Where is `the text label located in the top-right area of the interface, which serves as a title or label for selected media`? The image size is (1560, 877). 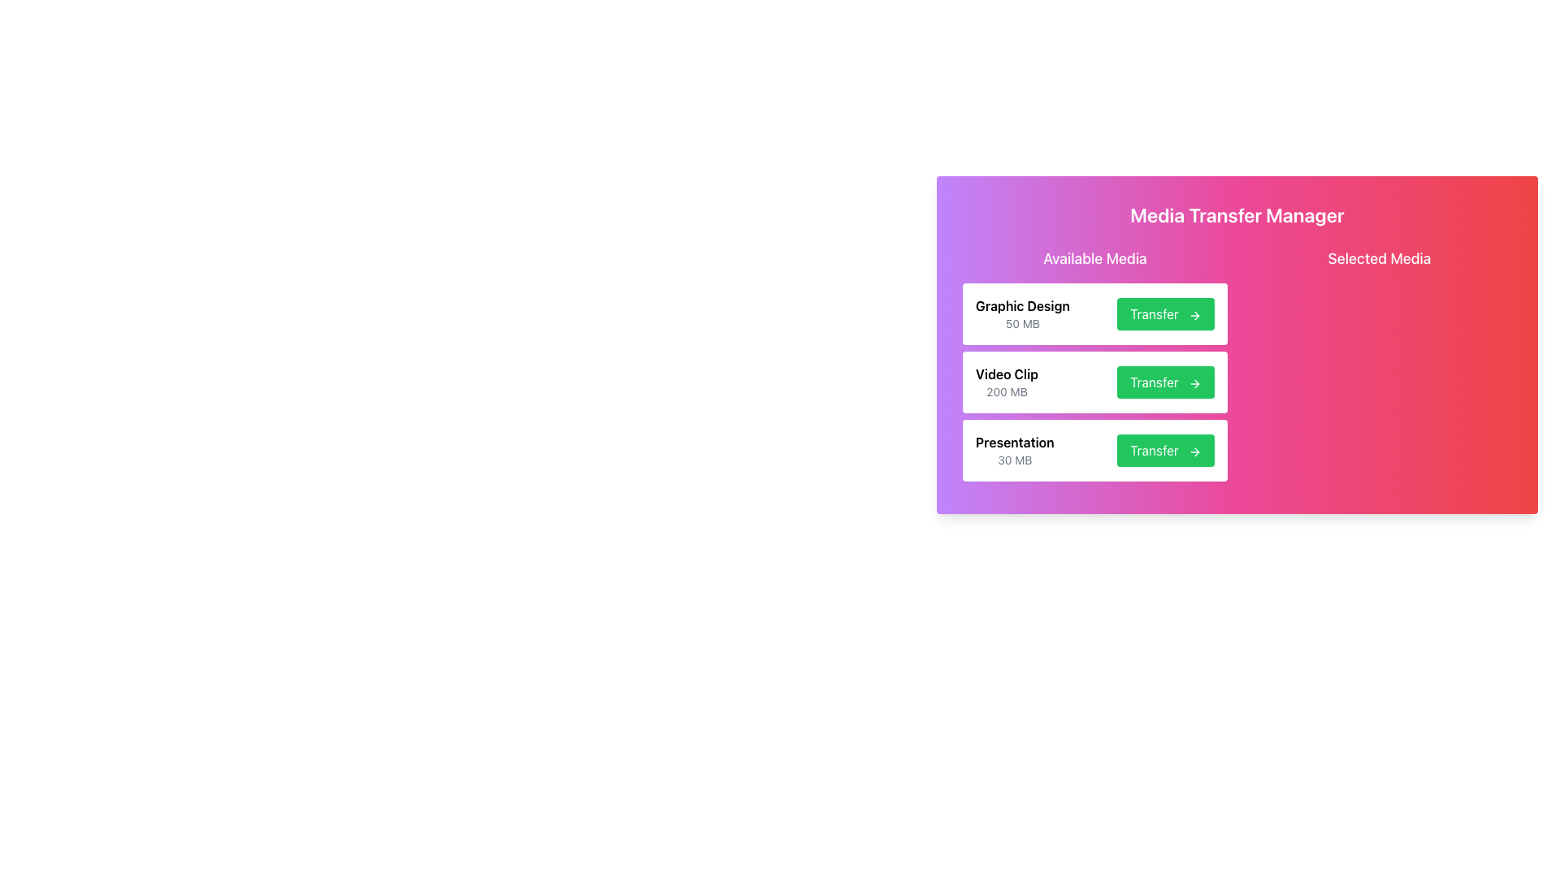
the text label located in the top-right area of the interface, which serves as a title or label for selected media is located at coordinates (1379, 258).